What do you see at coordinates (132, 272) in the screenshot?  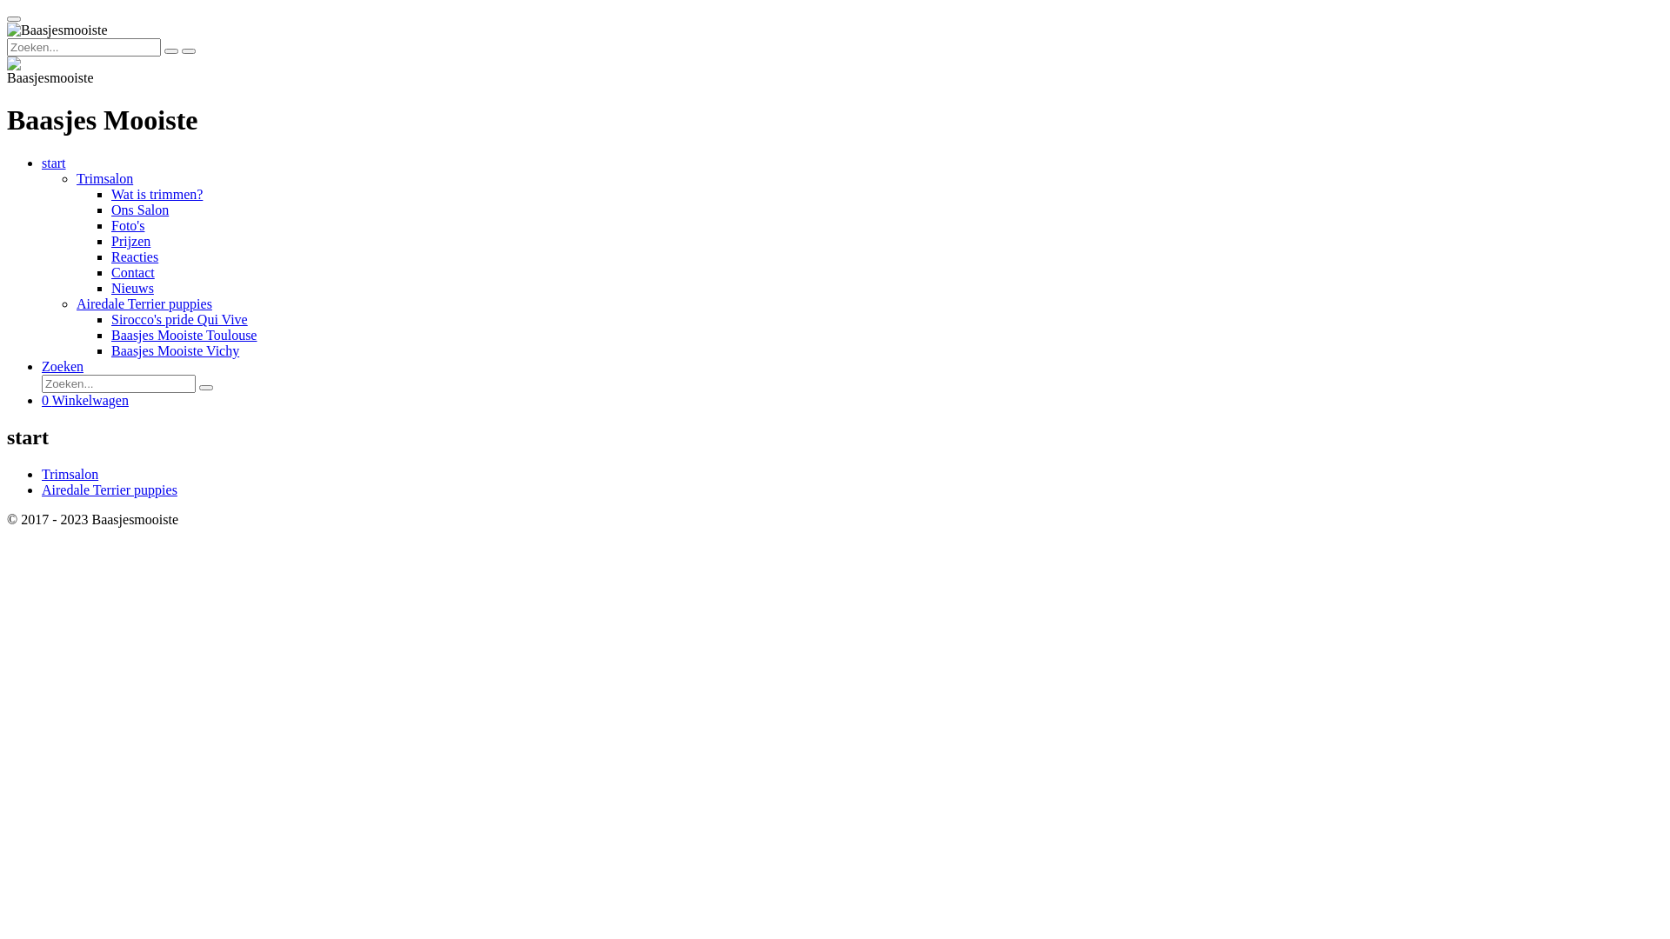 I see `'Contact'` at bounding box center [132, 272].